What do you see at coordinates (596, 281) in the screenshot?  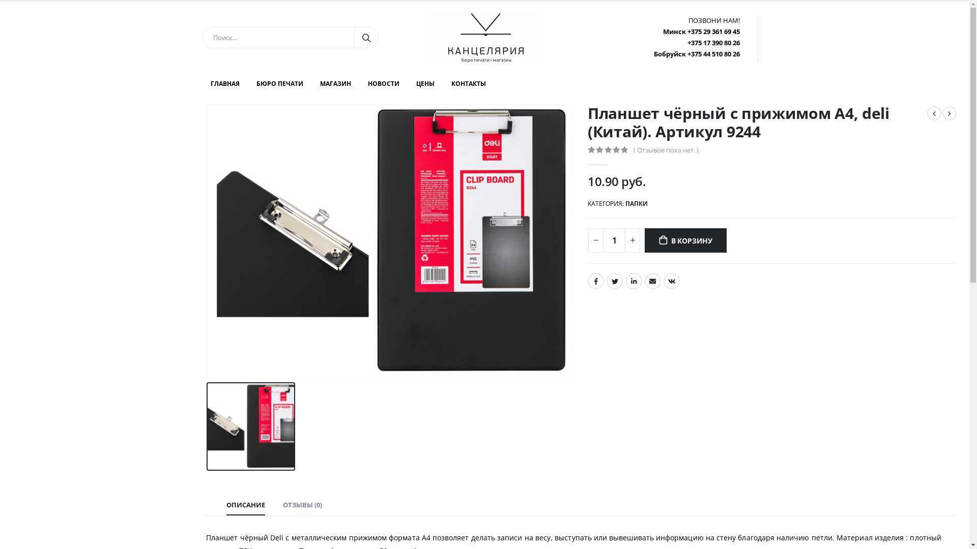 I see `'Facebook'` at bounding box center [596, 281].